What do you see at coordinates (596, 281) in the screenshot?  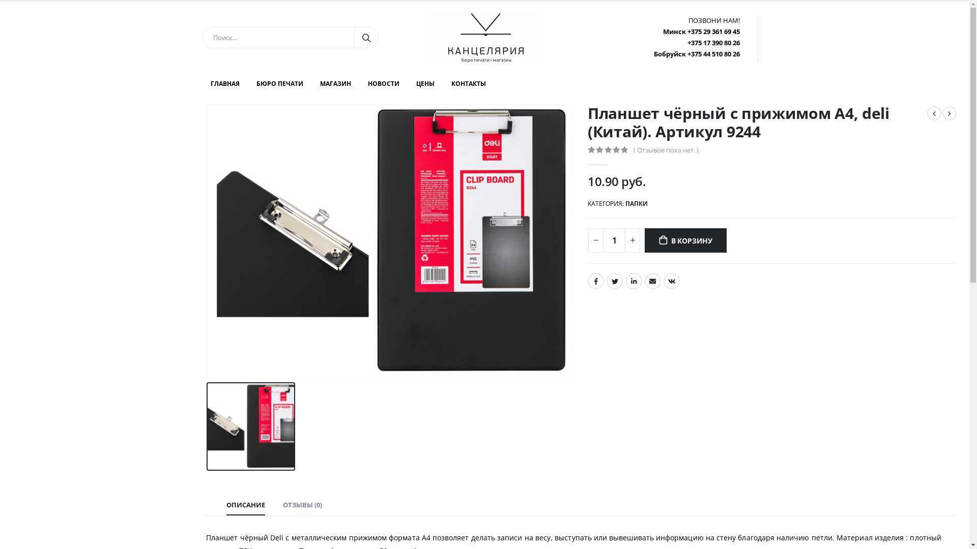 I see `'Facebook'` at bounding box center [596, 281].